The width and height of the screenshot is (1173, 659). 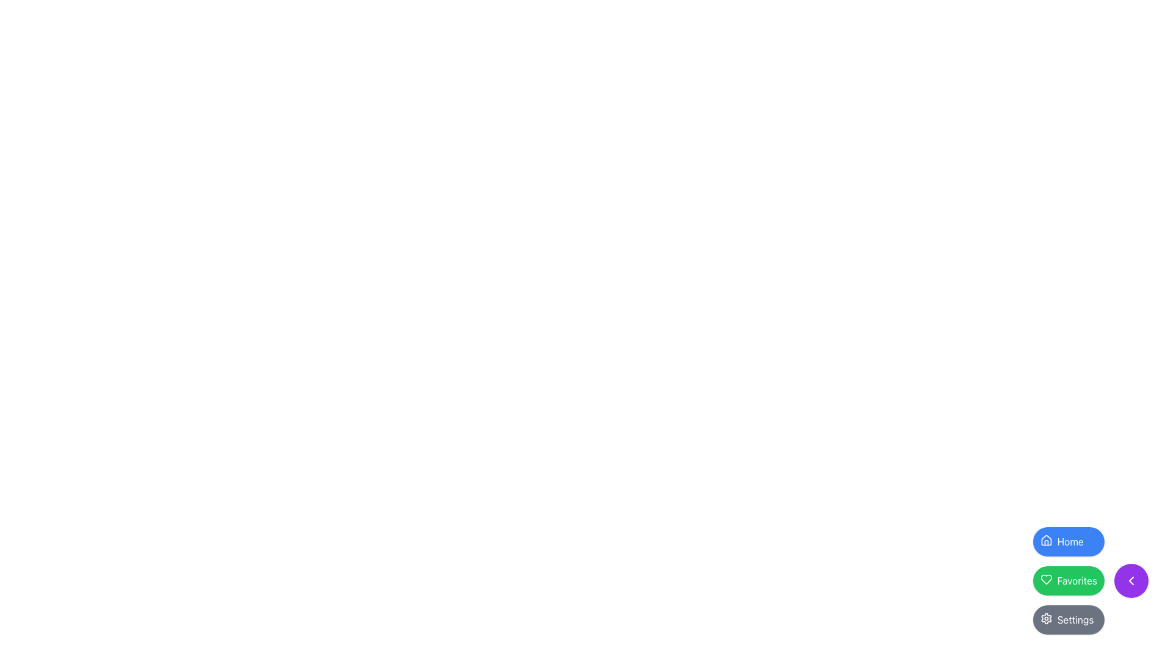 What do you see at coordinates (1091, 580) in the screenshot?
I see `the rounded green button labeled 'Favorites' with a heart icon` at bounding box center [1091, 580].